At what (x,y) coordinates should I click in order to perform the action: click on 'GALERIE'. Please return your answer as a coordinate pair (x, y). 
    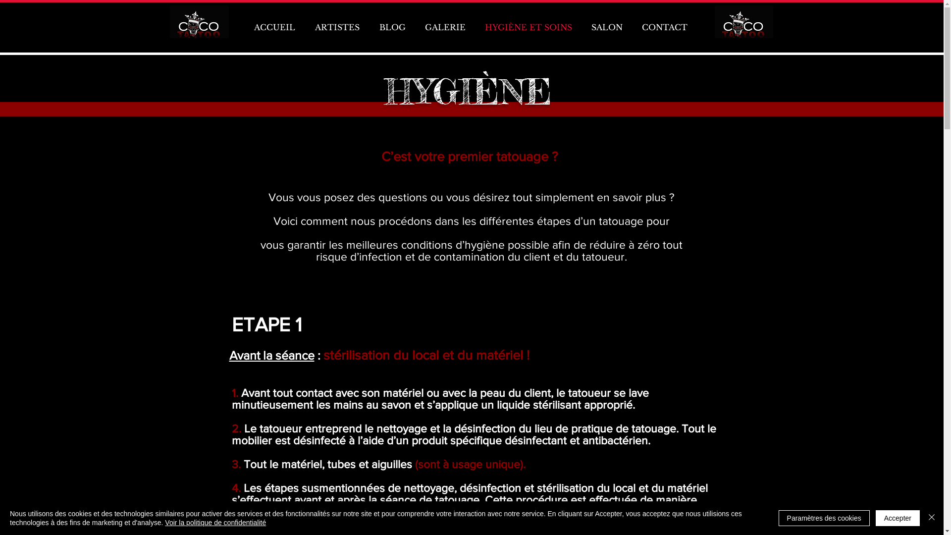
    Looking at the image, I should click on (444, 26).